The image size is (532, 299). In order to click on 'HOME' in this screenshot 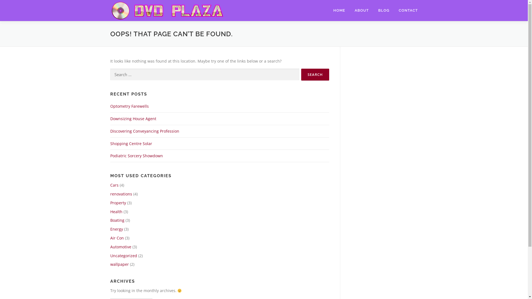, I will do `click(328, 10)`.